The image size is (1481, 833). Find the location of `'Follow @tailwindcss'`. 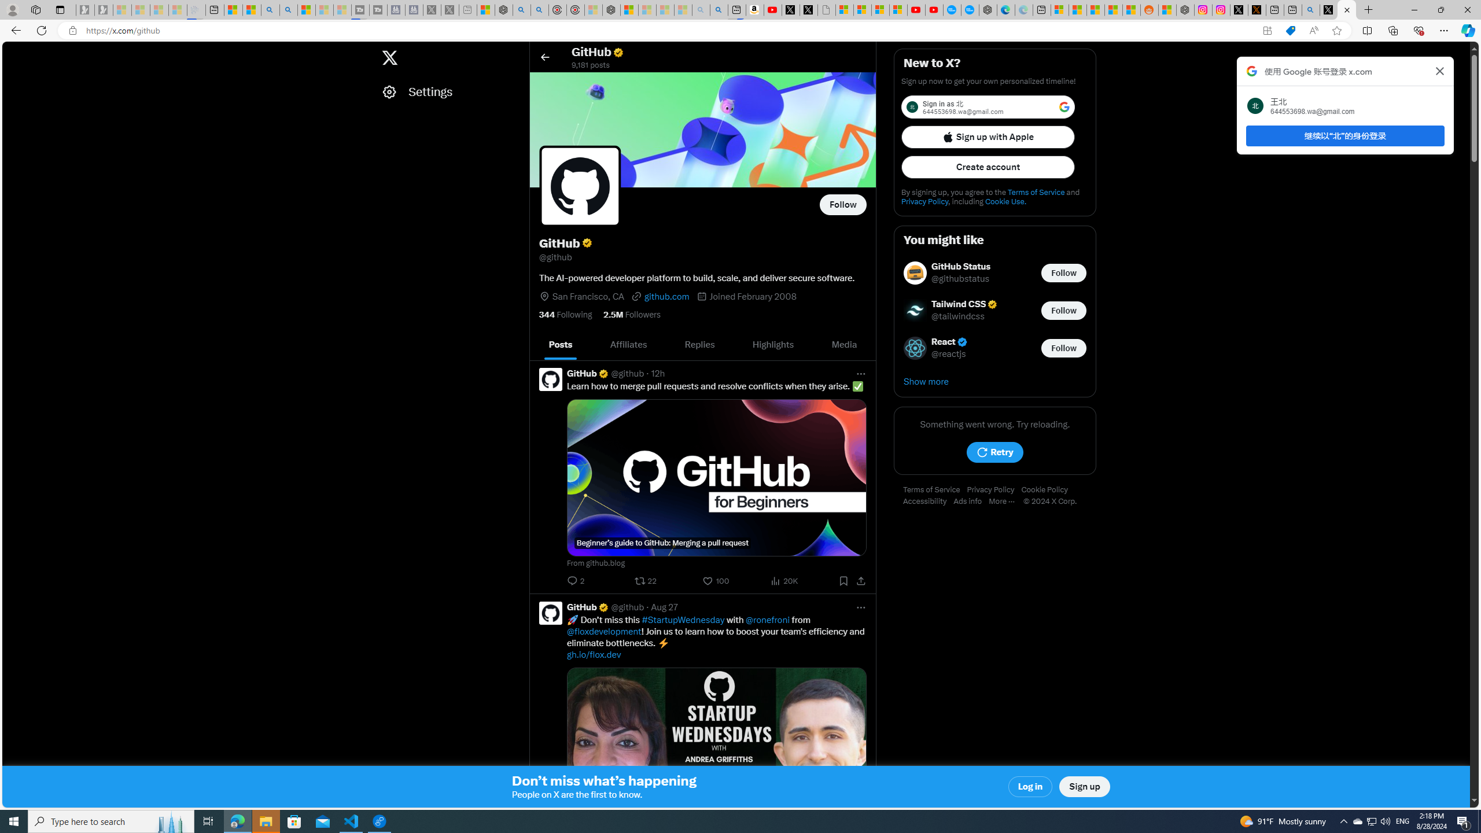

'Follow @tailwindcss' is located at coordinates (1063, 310).